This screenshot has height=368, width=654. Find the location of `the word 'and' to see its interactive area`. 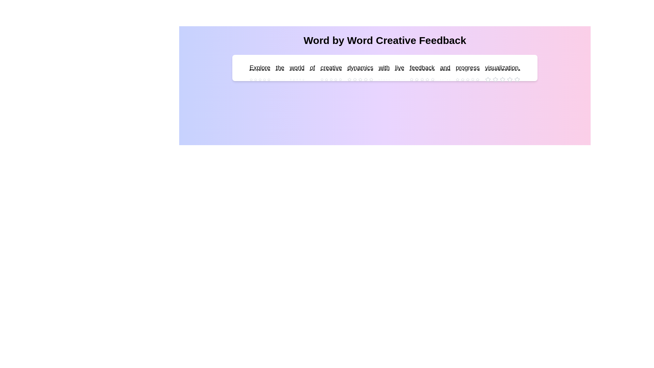

the word 'and' to see its interactive area is located at coordinates (445, 68).